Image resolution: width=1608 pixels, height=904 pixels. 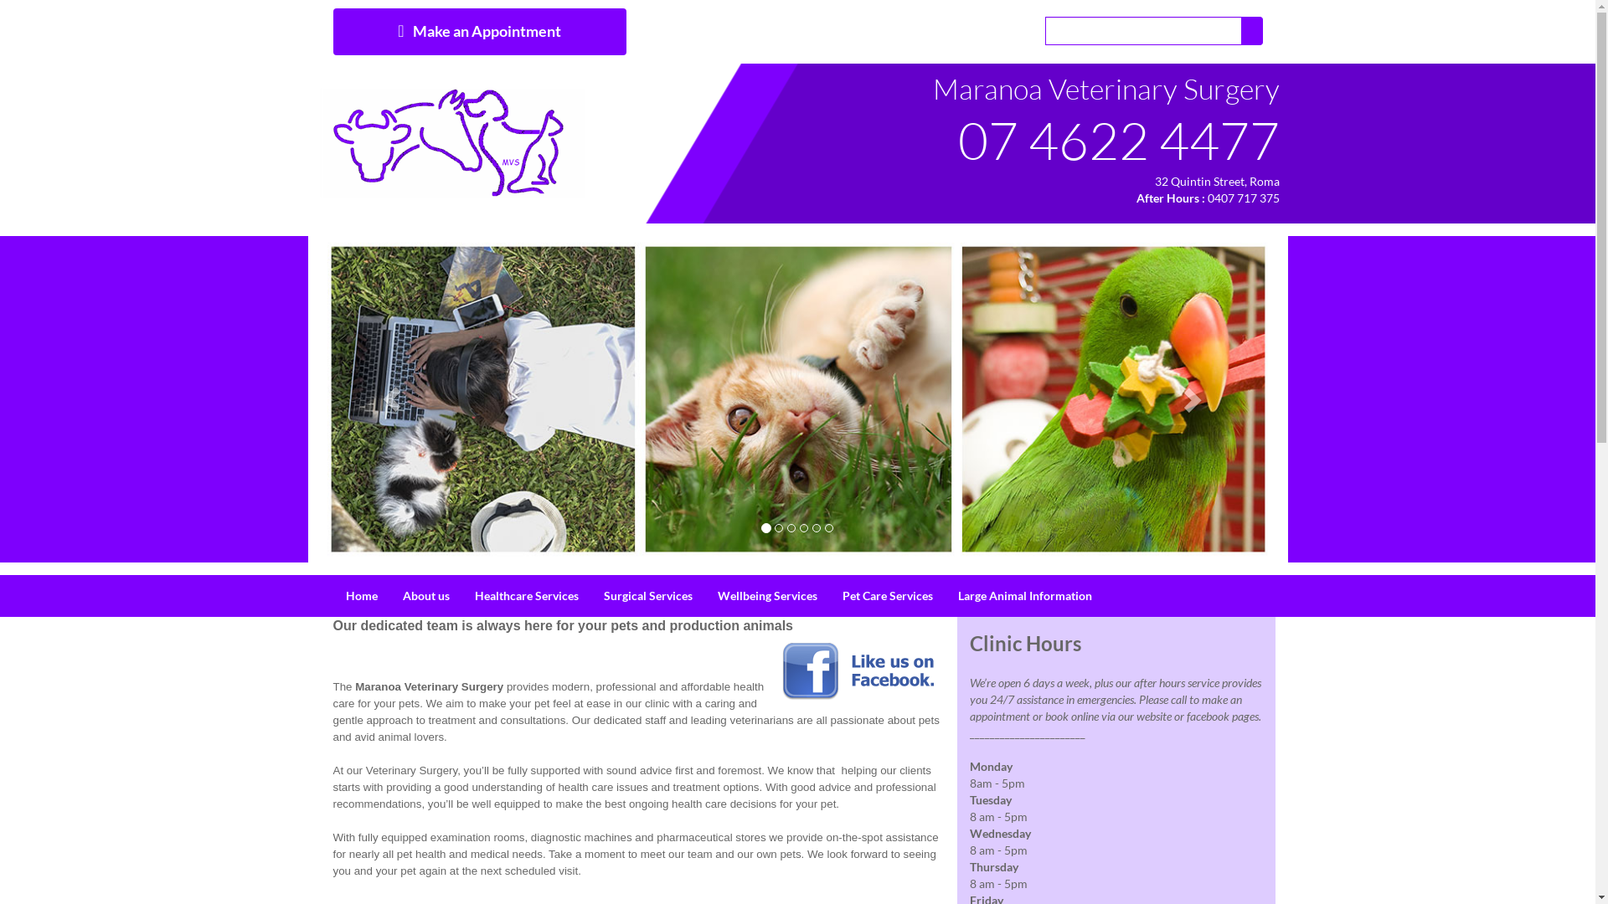 I want to click on 'Surgical Services', so click(x=647, y=595).